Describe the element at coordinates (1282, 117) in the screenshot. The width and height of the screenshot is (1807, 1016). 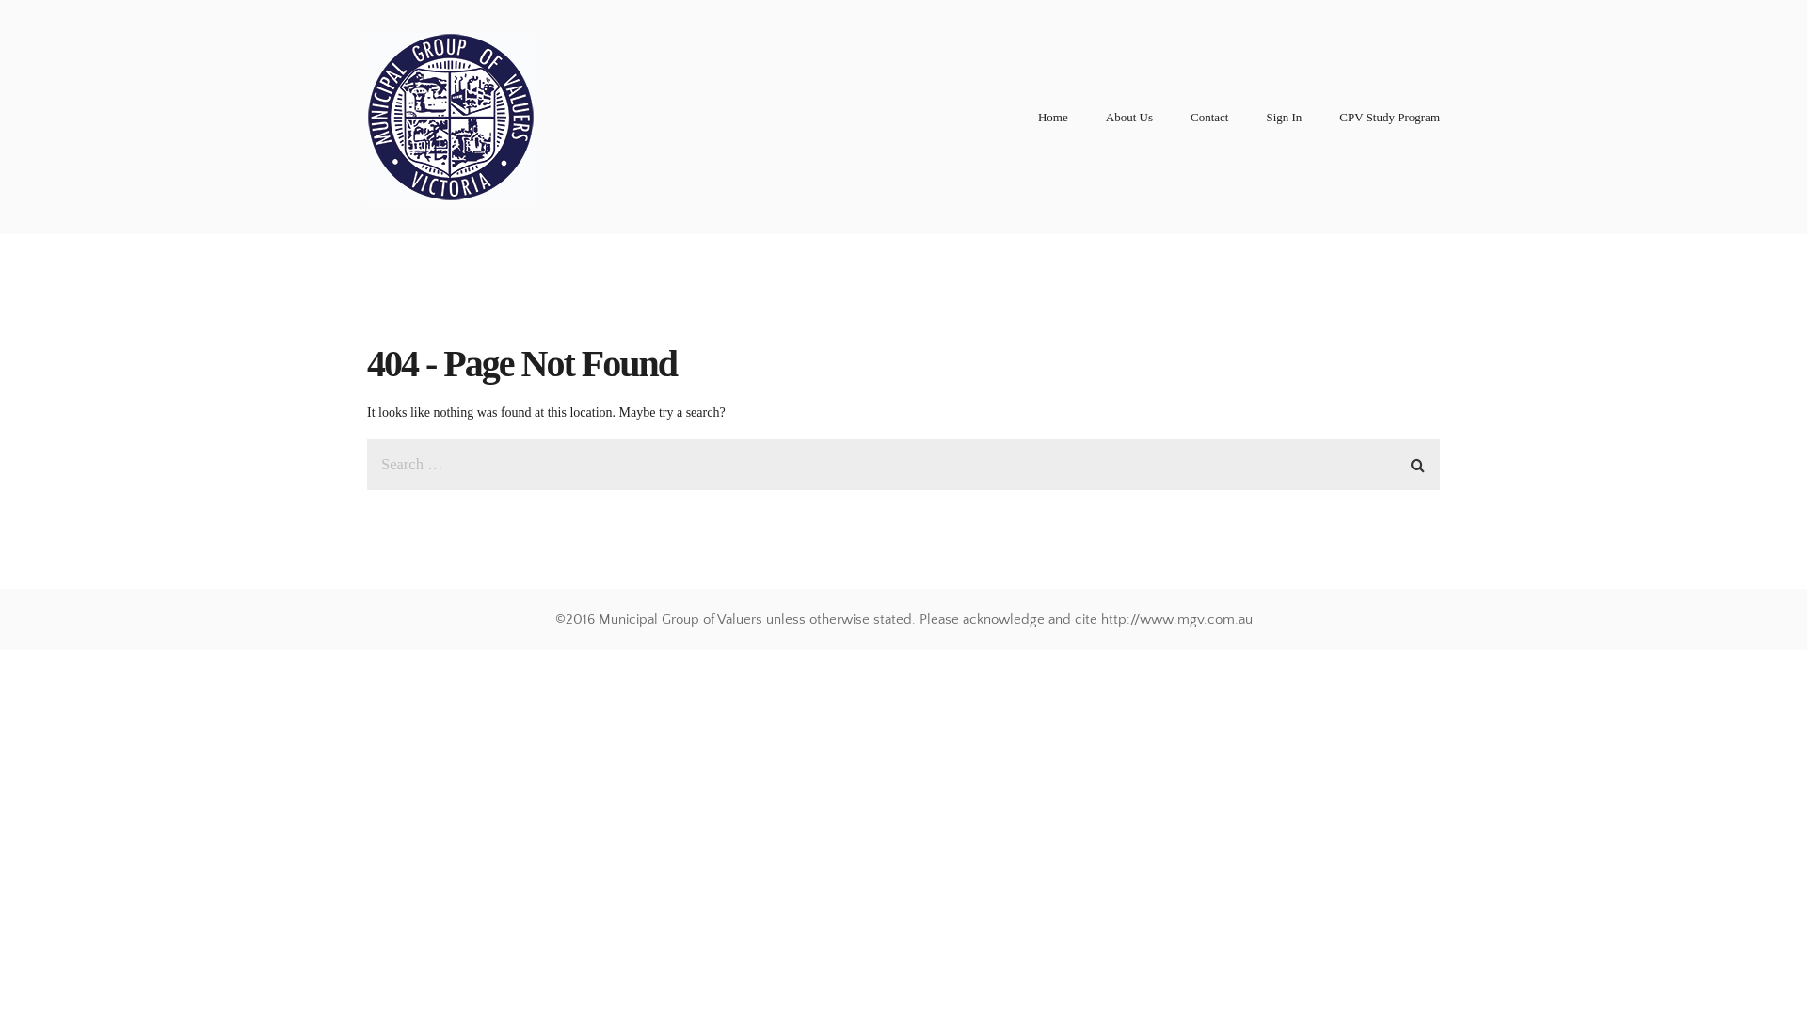
I see `'Sign In'` at that location.